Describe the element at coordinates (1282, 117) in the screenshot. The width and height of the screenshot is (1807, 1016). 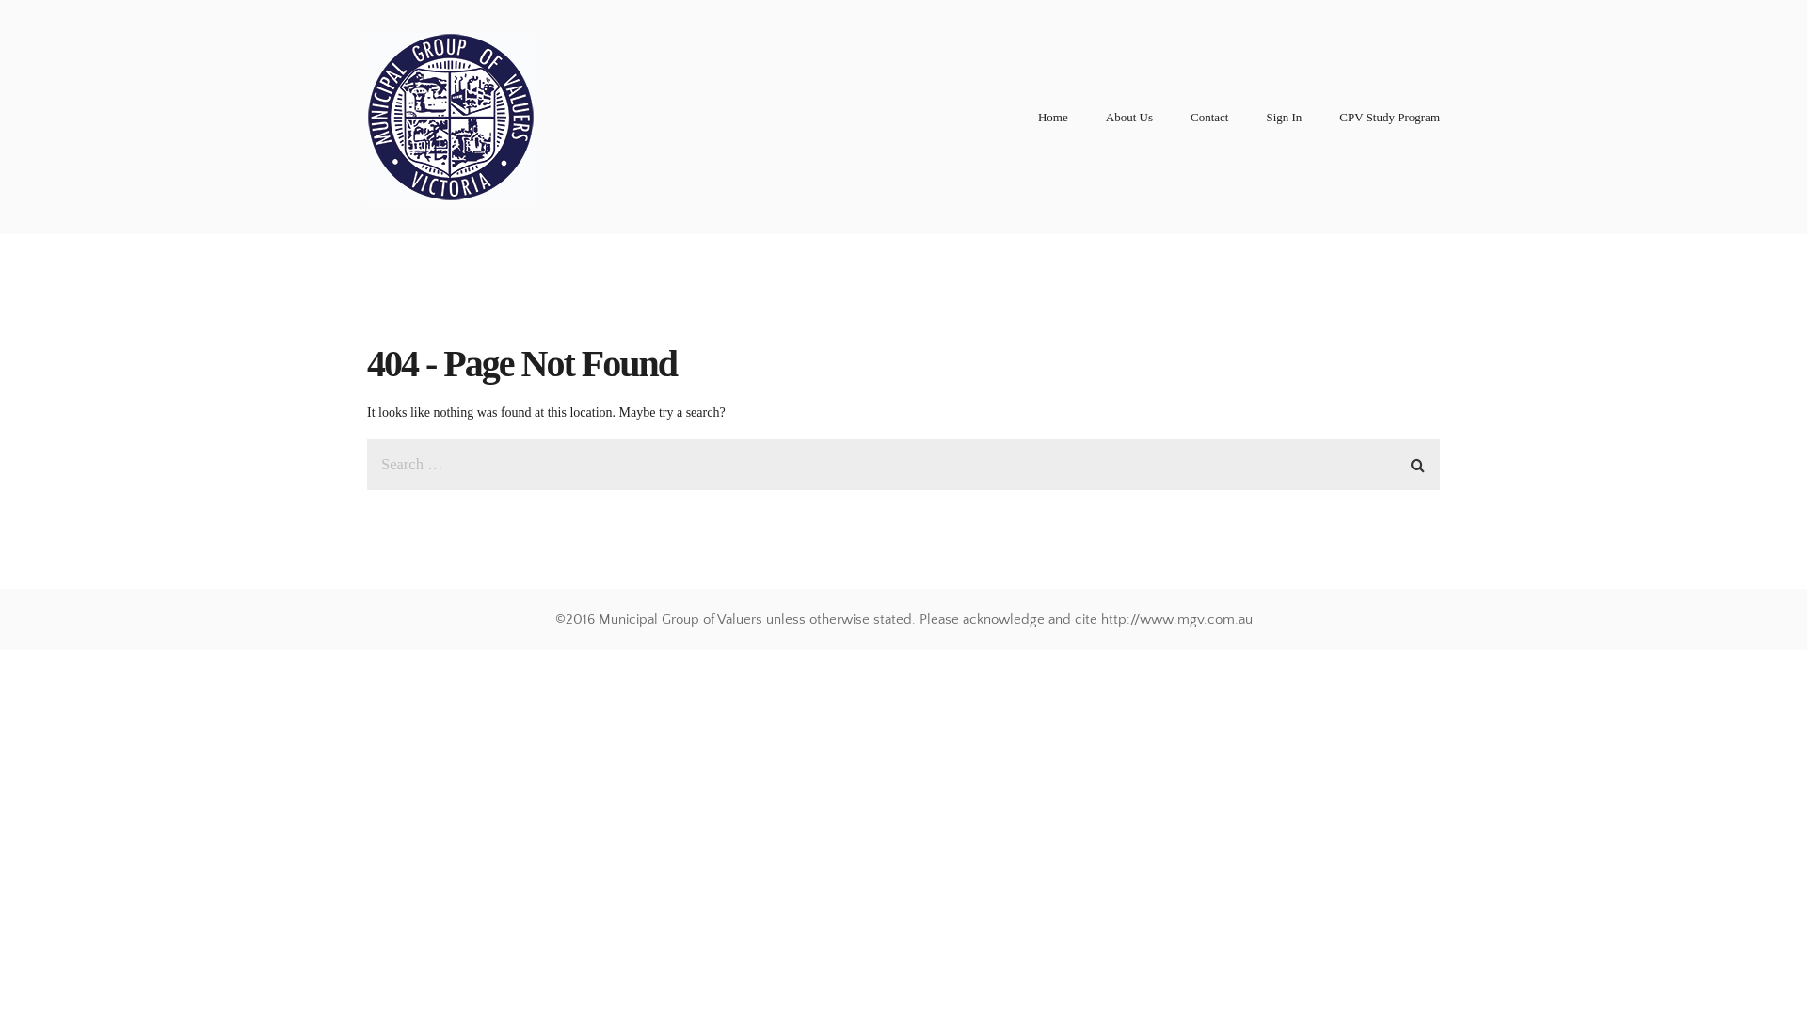
I see `'Sign In'` at that location.